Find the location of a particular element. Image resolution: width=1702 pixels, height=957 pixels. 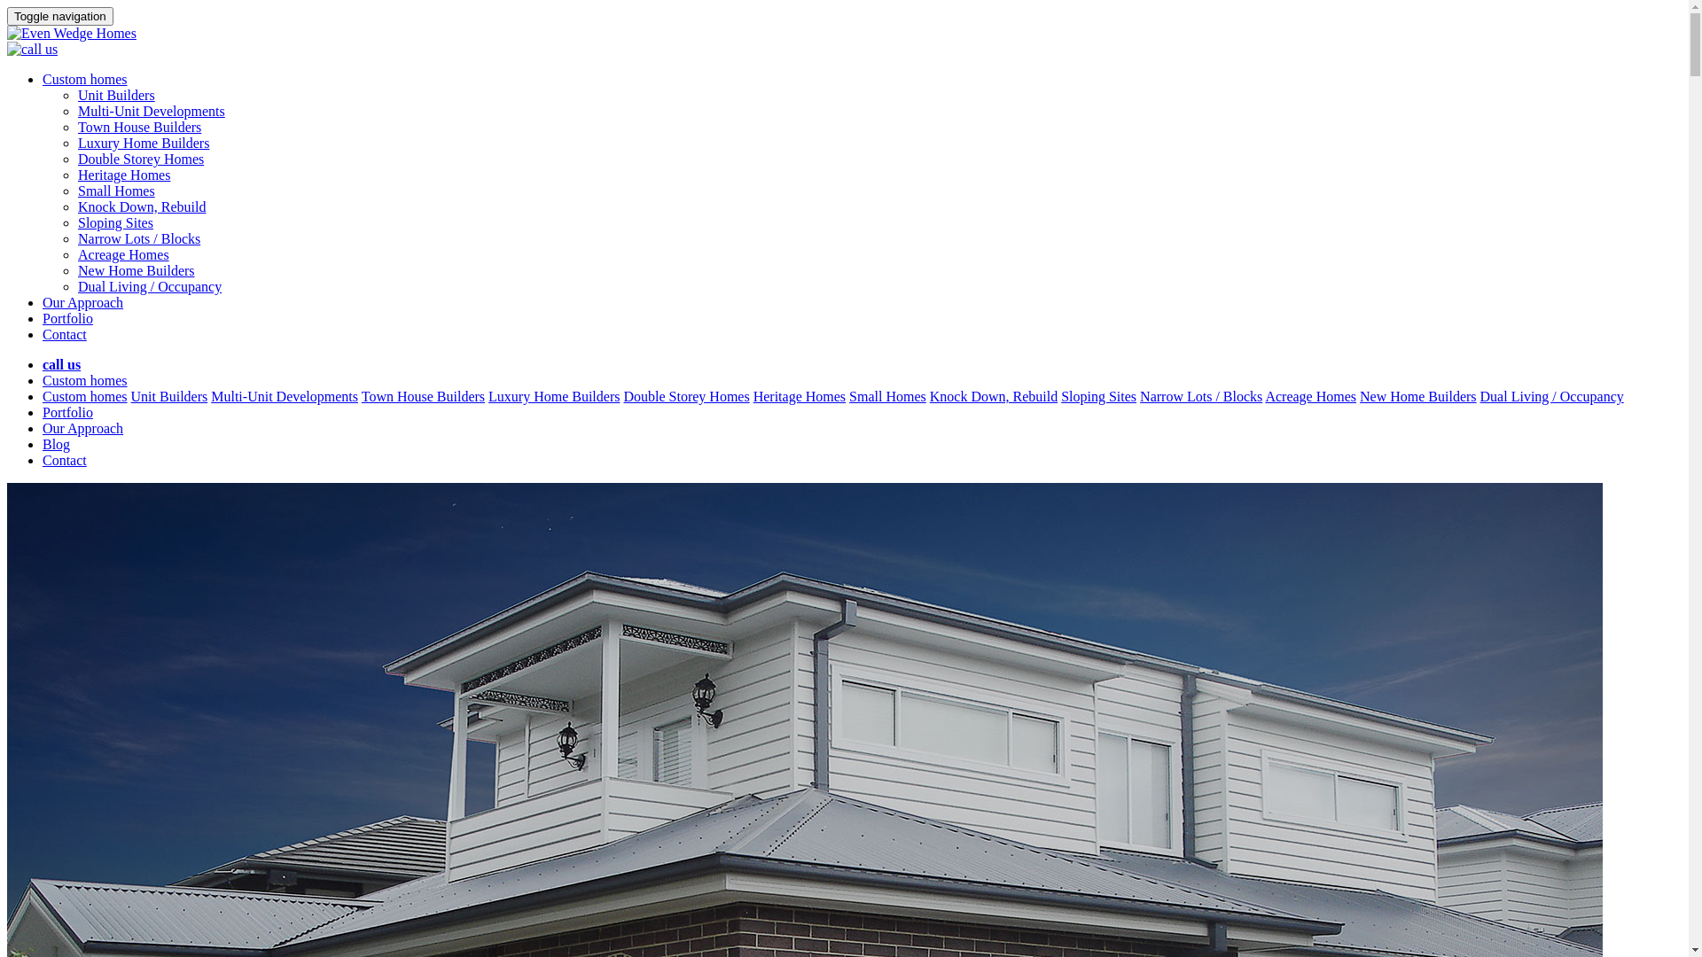

'call us' is located at coordinates (61, 363).